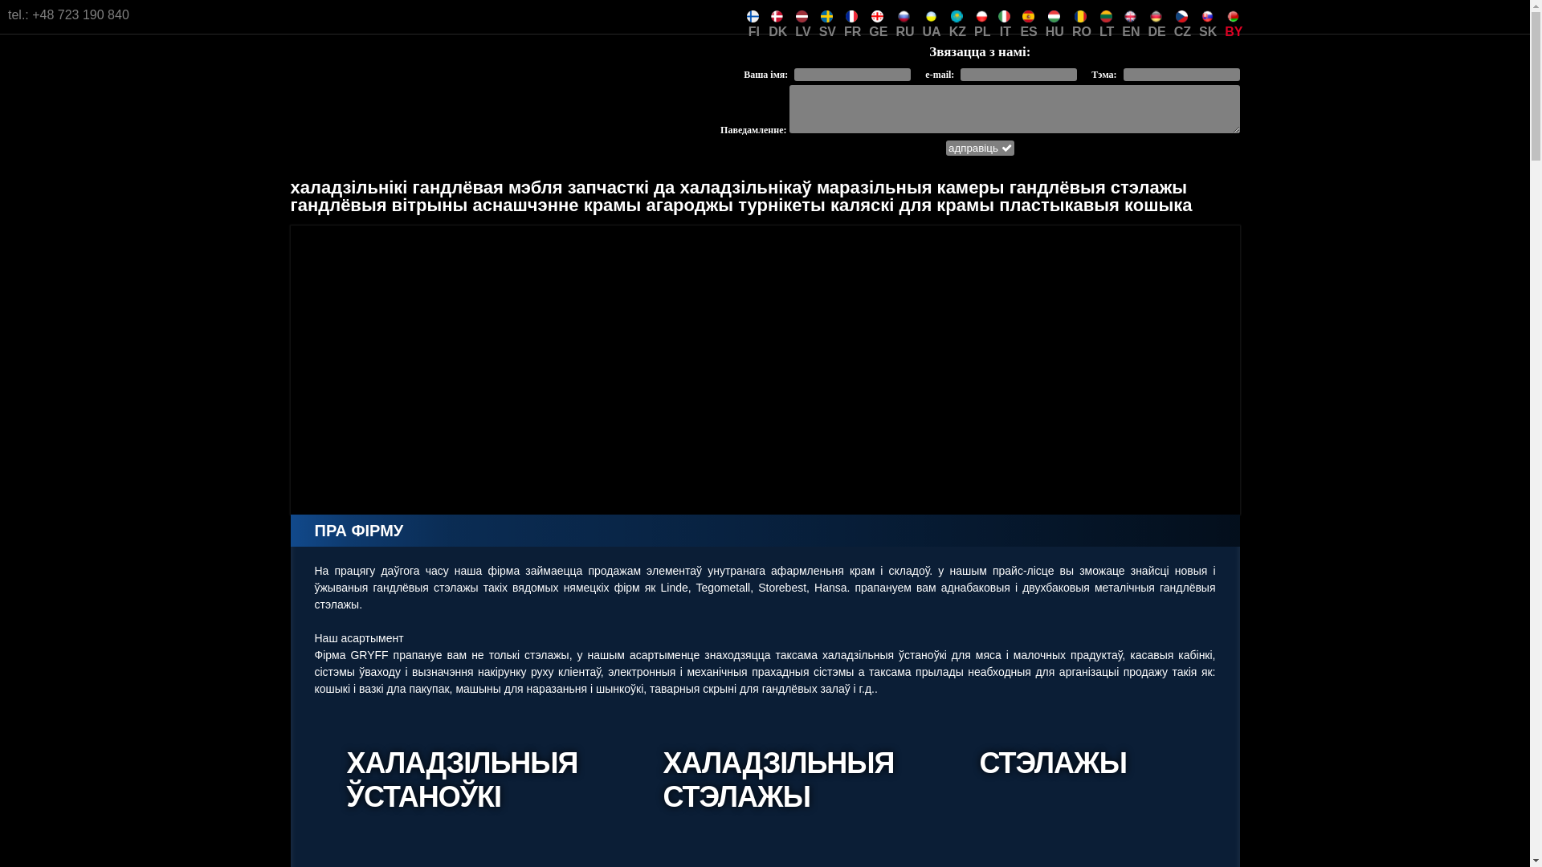 The image size is (1542, 867). Describe the element at coordinates (1082, 15) in the screenshot. I see `'RO'` at that location.